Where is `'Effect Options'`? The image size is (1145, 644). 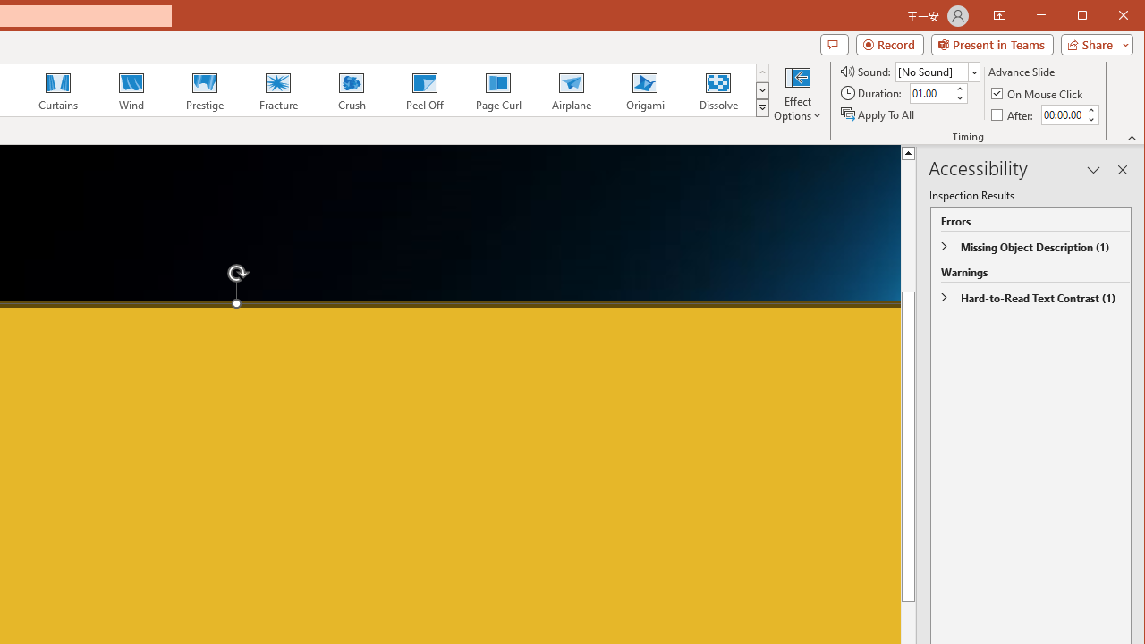 'Effect Options' is located at coordinates (797, 93).